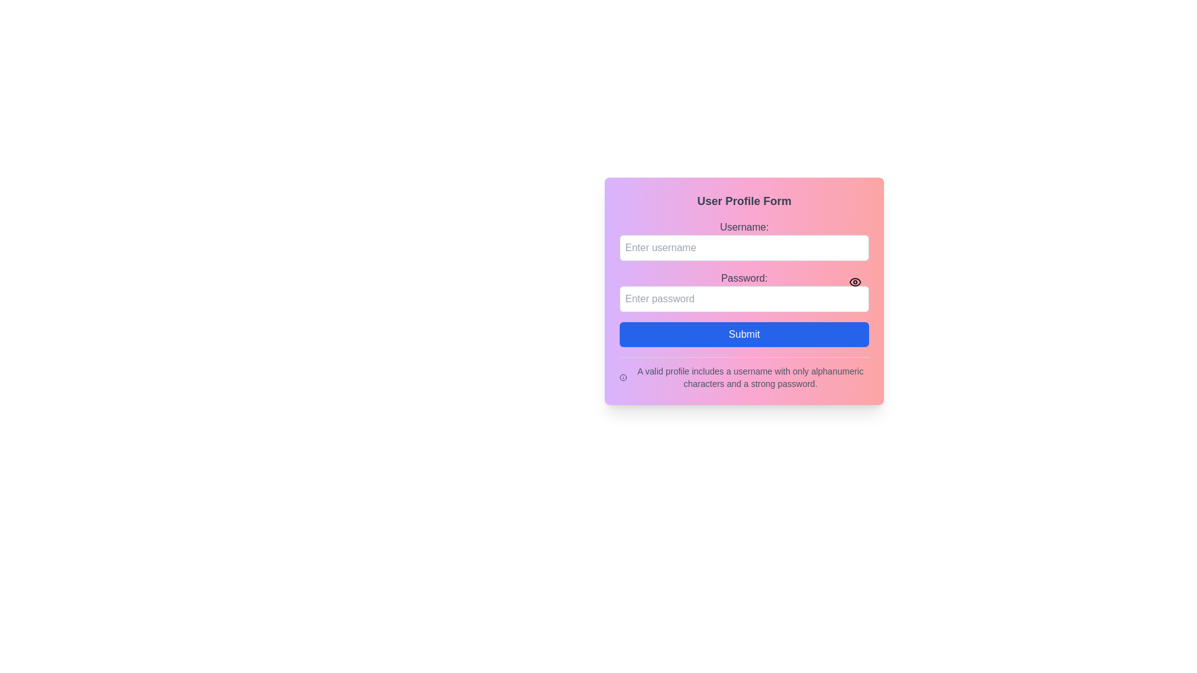 The height and width of the screenshot is (673, 1197). Describe the element at coordinates (855, 282) in the screenshot. I see `the button located at the top-right corner of the password field` at that location.